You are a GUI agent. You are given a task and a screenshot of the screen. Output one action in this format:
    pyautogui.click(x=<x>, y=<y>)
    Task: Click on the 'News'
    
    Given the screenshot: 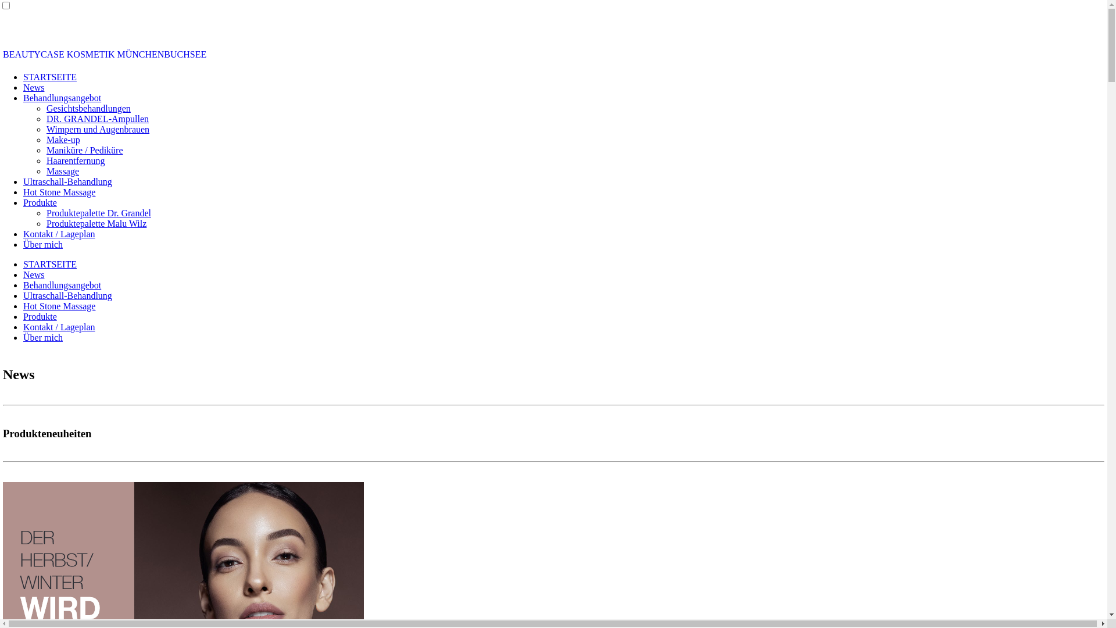 What is the action you would take?
    pyautogui.click(x=33, y=87)
    